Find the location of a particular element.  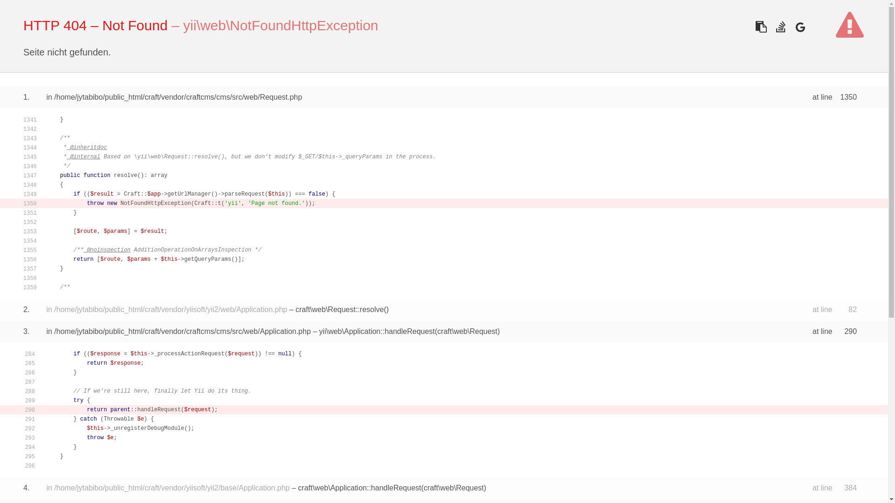

'yii\web\NotFoundHttpException' is located at coordinates (280, 25).